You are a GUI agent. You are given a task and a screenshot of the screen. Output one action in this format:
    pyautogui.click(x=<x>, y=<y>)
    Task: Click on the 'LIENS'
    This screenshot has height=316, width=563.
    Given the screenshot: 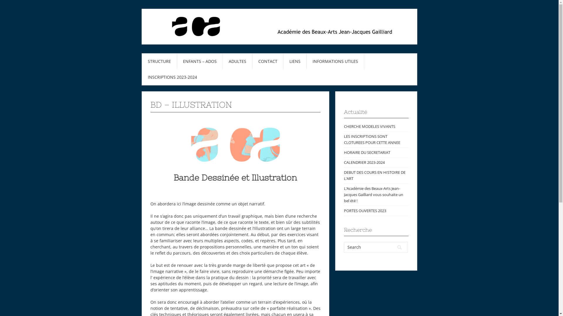 What is the action you would take?
    pyautogui.click(x=294, y=61)
    